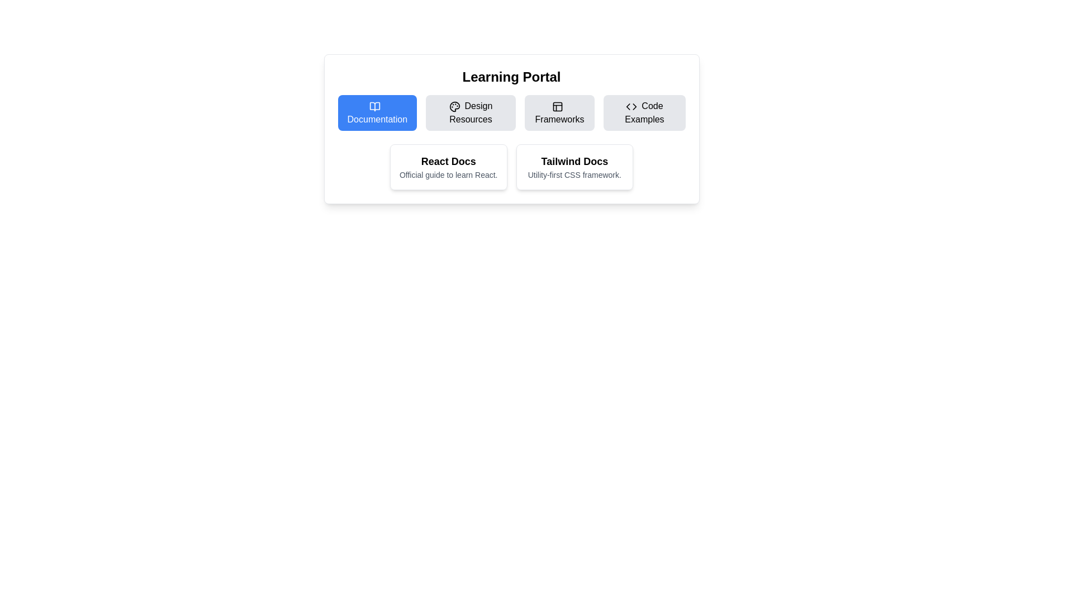  I want to click on the last button in the navigation section, which directs users to code examples or related resources, so click(644, 112).